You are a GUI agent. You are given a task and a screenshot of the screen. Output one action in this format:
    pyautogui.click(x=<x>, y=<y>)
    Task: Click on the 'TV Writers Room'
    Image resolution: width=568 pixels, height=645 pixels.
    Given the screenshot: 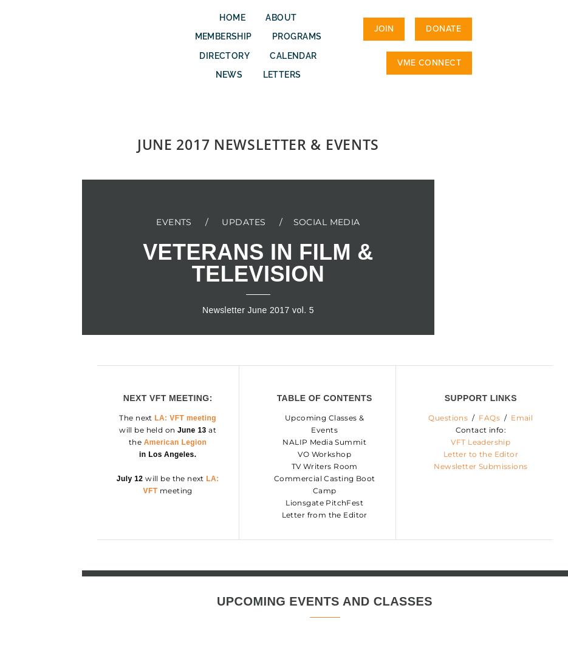 What is the action you would take?
    pyautogui.click(x=291, y=465)
    